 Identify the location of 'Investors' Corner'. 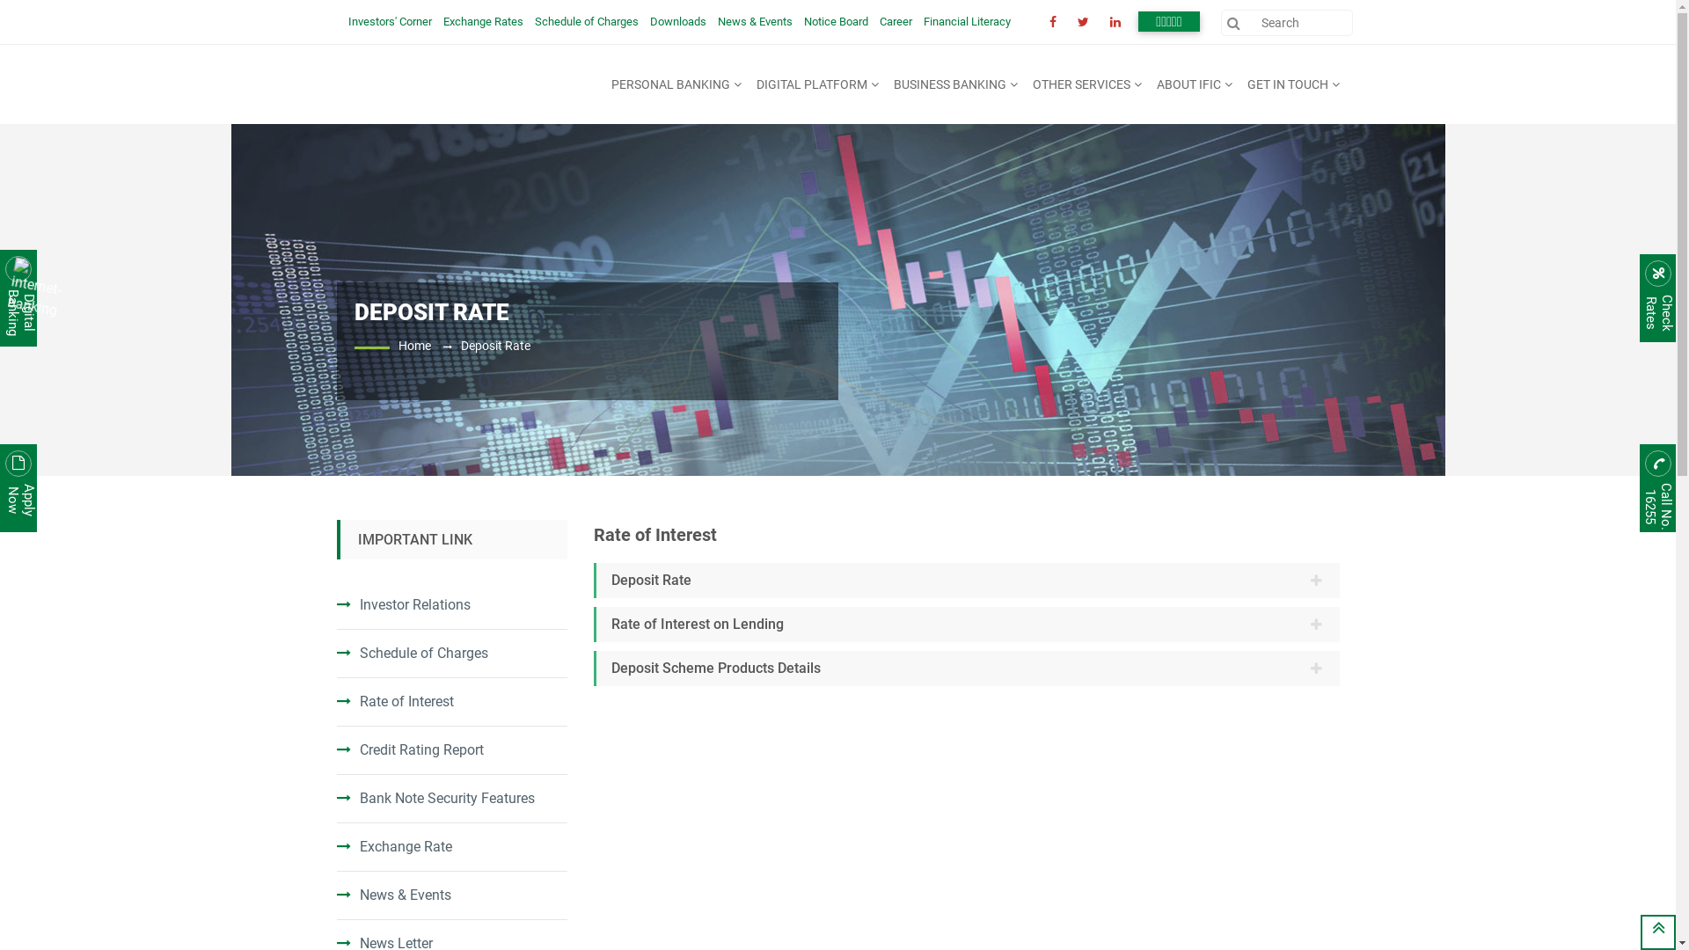
(347, 21).